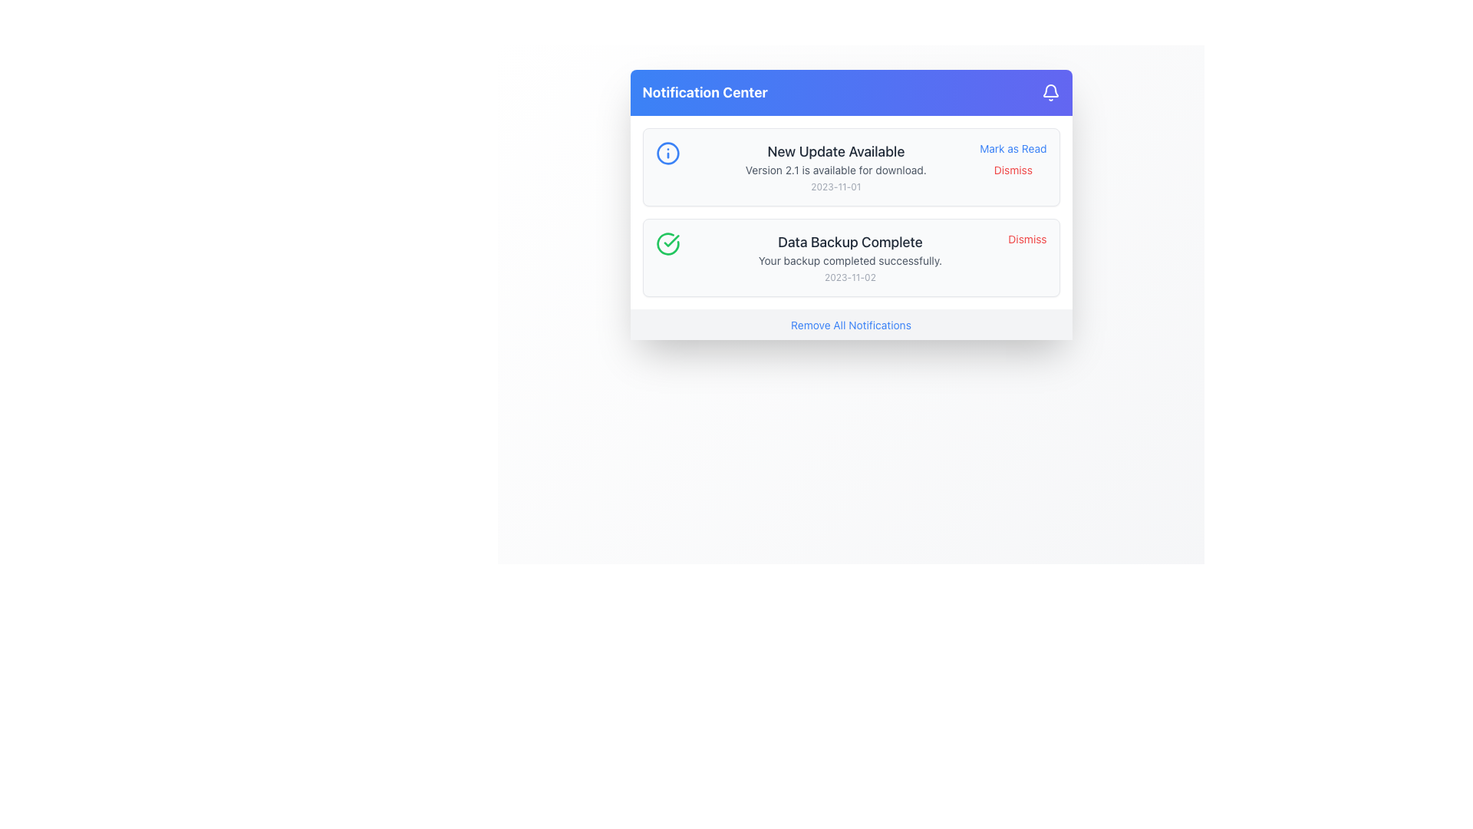 The width and height of the screenshot is (1473, 829). I want to click on the interactive text link at the bottom of the Notification Center to clear all notifications, so click(850, 324).